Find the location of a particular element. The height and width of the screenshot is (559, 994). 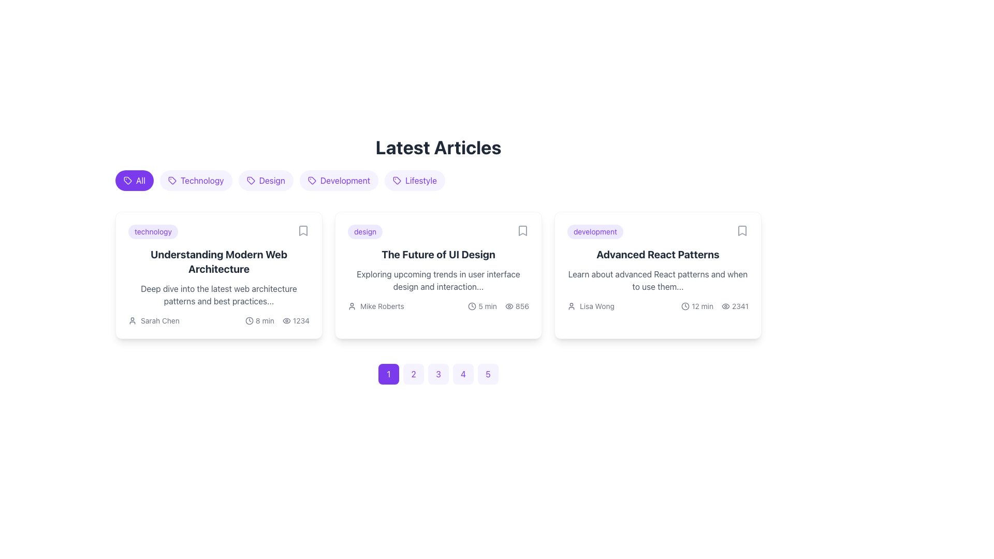

the text label 'All' styled in capital letters, which is located to the right of an icon and presented in white on a purple background is located at coordinates (140, 180).